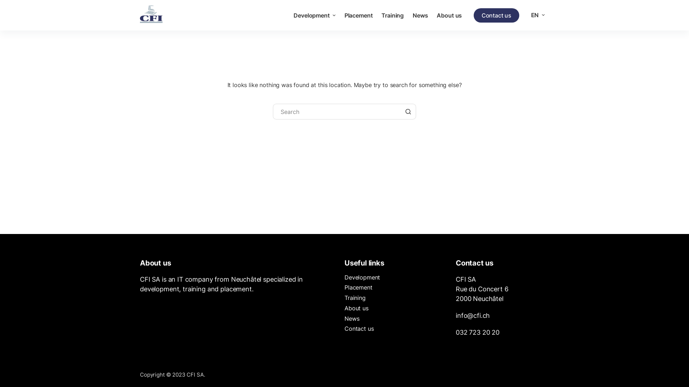  What do you see at coordinates (7, 4) in the screenshot?
I see `'Skip to content'` at bounding box center [7, 4].